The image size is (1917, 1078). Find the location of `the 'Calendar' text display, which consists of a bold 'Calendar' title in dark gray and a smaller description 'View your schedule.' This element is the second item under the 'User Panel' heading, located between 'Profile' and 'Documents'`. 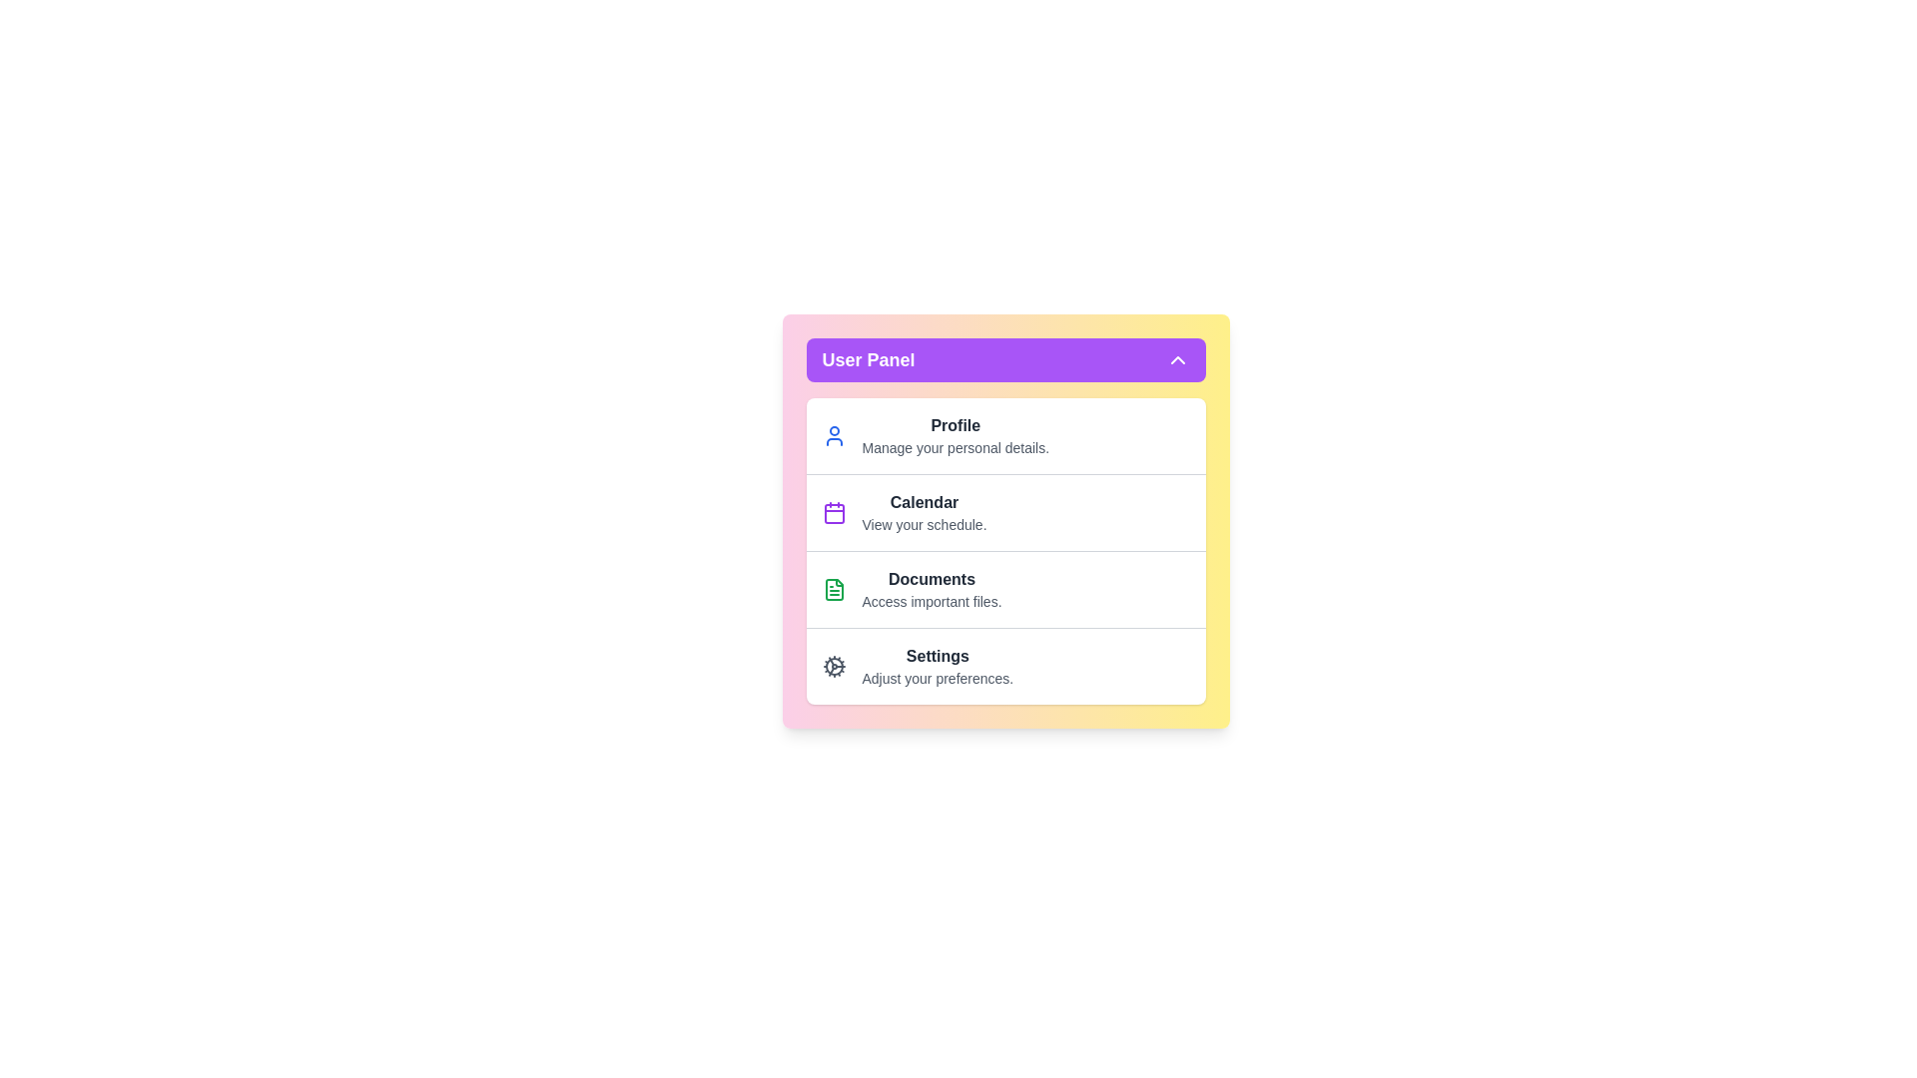

the 'Calendar' text display, which consists of a bold 'Calendar' title in dark gray and a smaller description 'View your schedule.' This element is the second item under the 'User Panel' heading, located between 'Profile' and 'Documents' is located at coordinates (924, 511).